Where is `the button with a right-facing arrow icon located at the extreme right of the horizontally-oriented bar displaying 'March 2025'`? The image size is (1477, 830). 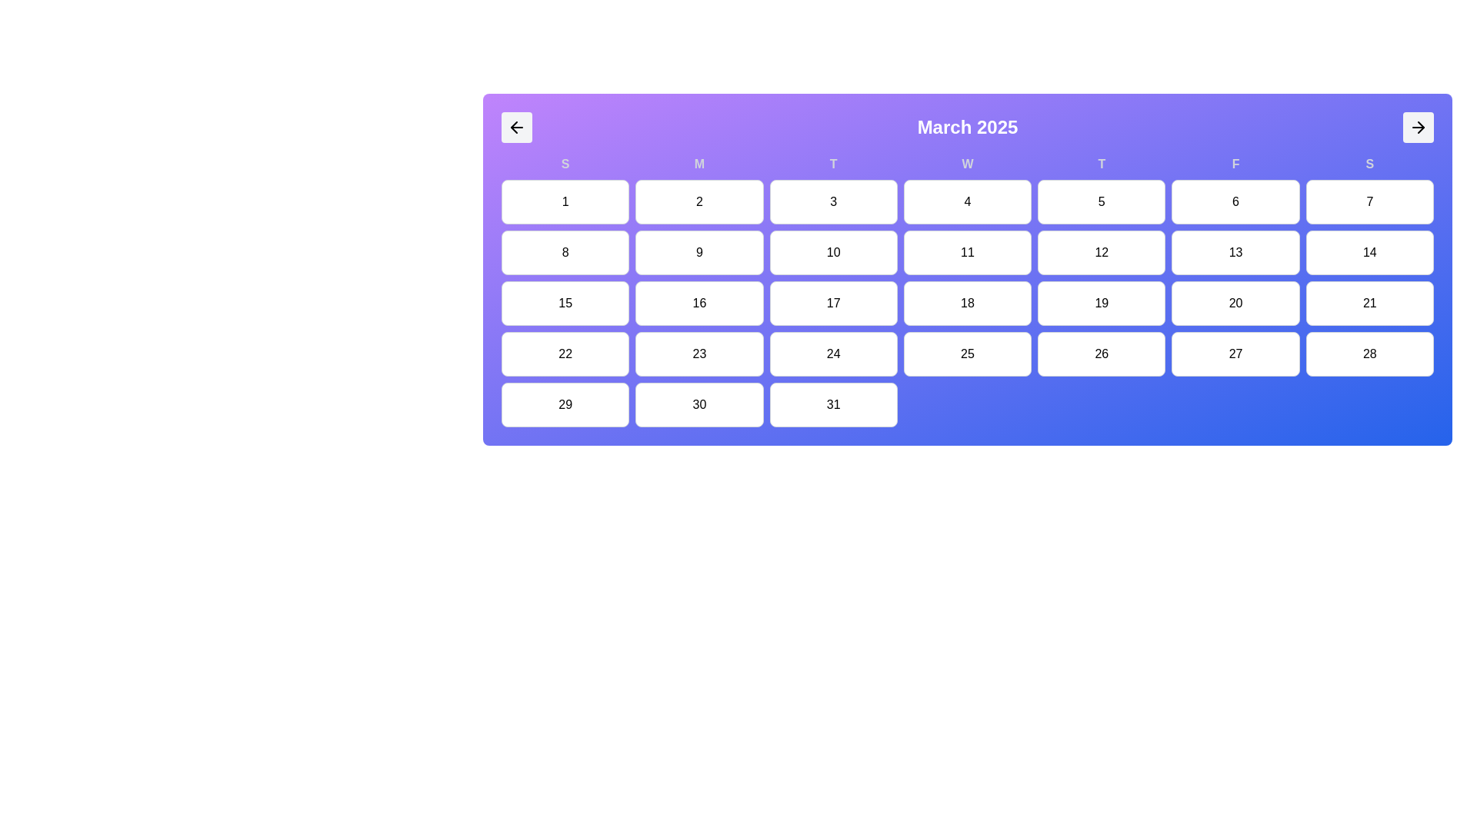
the button with a right-facing arrow icon located at the extreme right of the horizontally-oriented bar displaying 'March 2025' is located at coordinates (1417, 126).